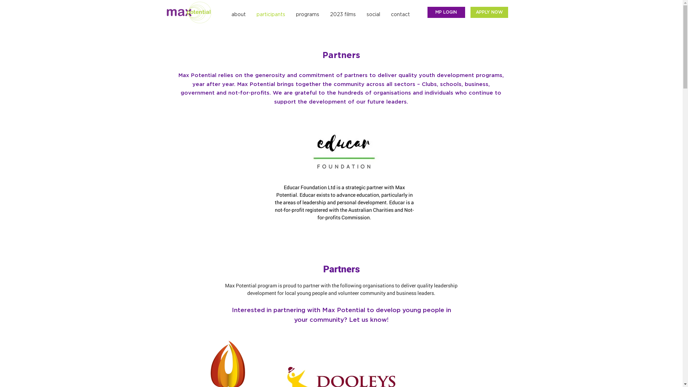 The image size is (688, 387). What do you see at coordinates (238, 15) in the screenshot?
I see `'about'` at bounding box center [238, 15].